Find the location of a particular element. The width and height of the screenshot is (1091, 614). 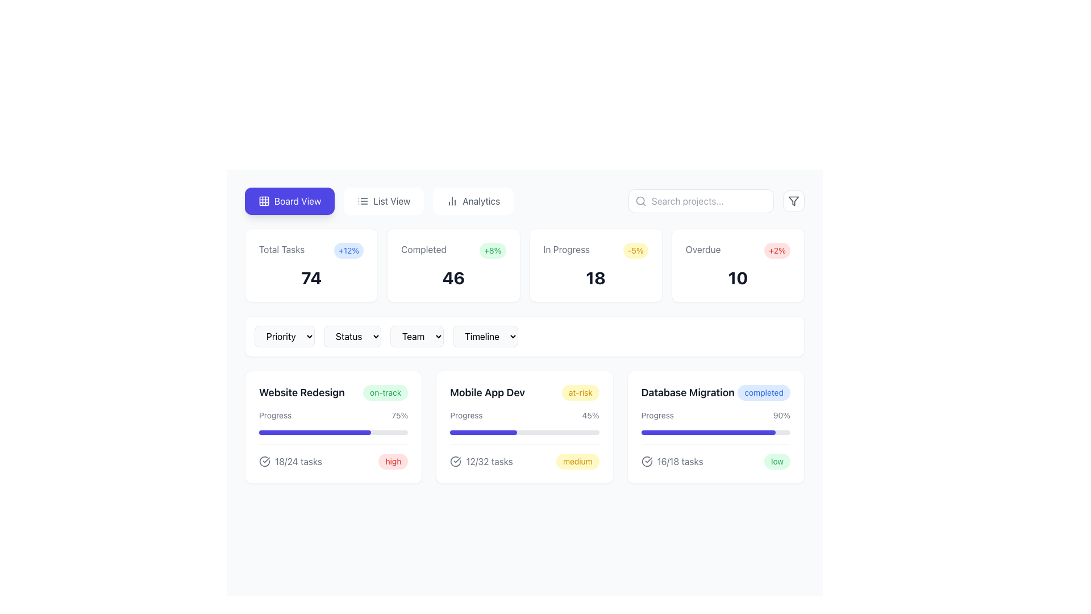

the static text label that indicates the progress for the 'Mobile App Dev' task, located to the left of the '45%' percentage text within the second column of the three-card layout is located at coordinates (466, 416).